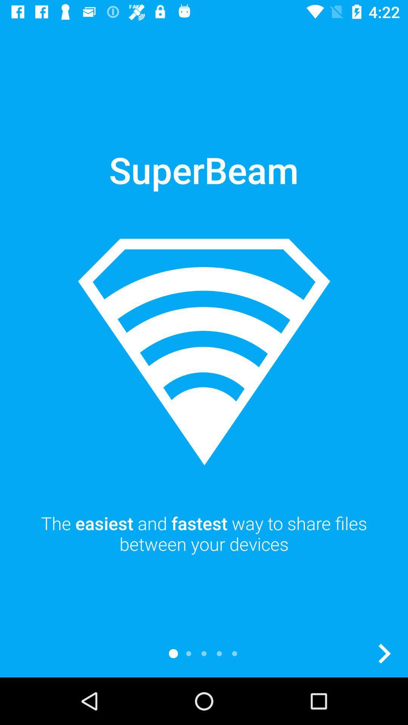 The width and height of the screenshot is (408, 725). Describe the element at coordinates (384, 653) in the screenshot. I see `next` at that location.